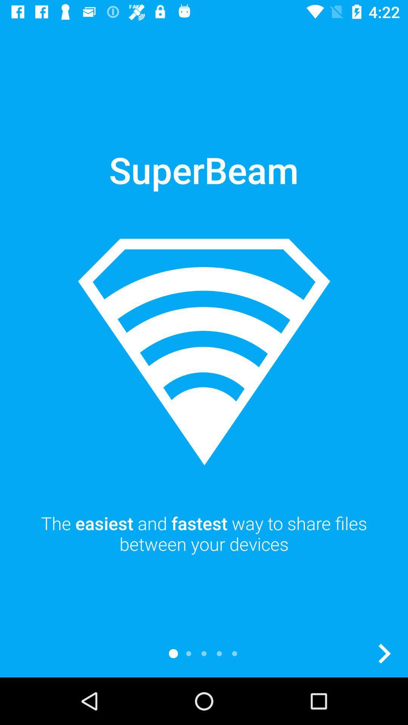 The width and height of the screenshot is (408, 725). Describe the element at coordinates (384, 653) in the screenshot. I see `next` at that location.